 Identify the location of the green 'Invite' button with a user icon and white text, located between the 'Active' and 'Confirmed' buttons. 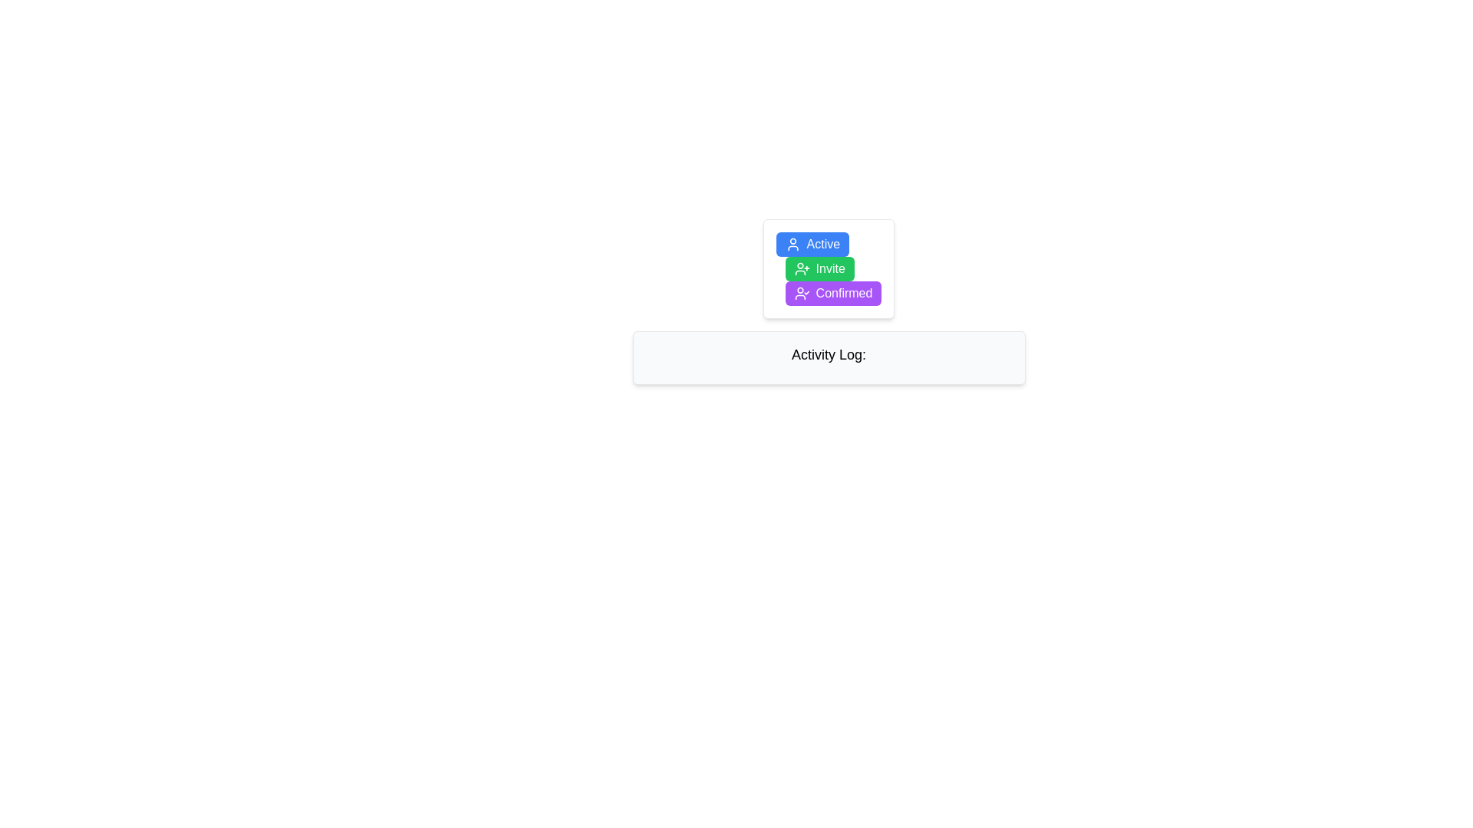
(819, 268).